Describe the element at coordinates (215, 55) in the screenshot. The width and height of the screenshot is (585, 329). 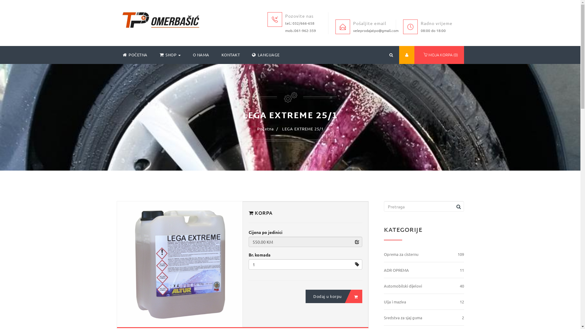
I see `'KONTAKT'` at that location.